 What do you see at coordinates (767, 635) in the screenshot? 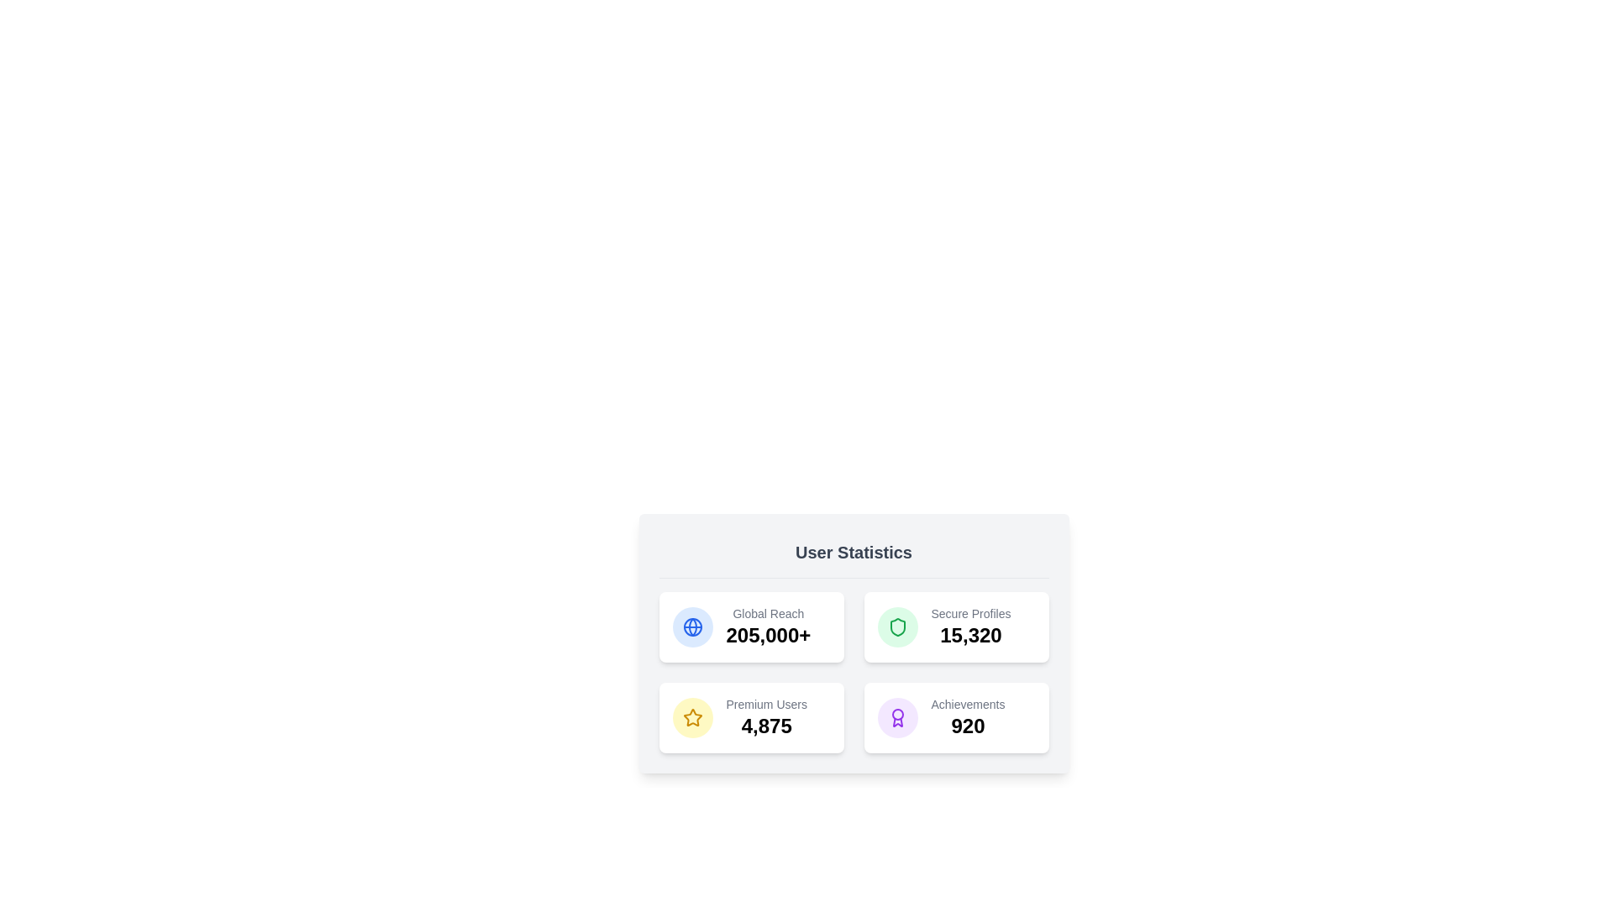
I see `the prominent label displaying '205,000+' which is located under the 'Global Reach' label in the 'User Statistics' panel` at bounding box center [767, 635].